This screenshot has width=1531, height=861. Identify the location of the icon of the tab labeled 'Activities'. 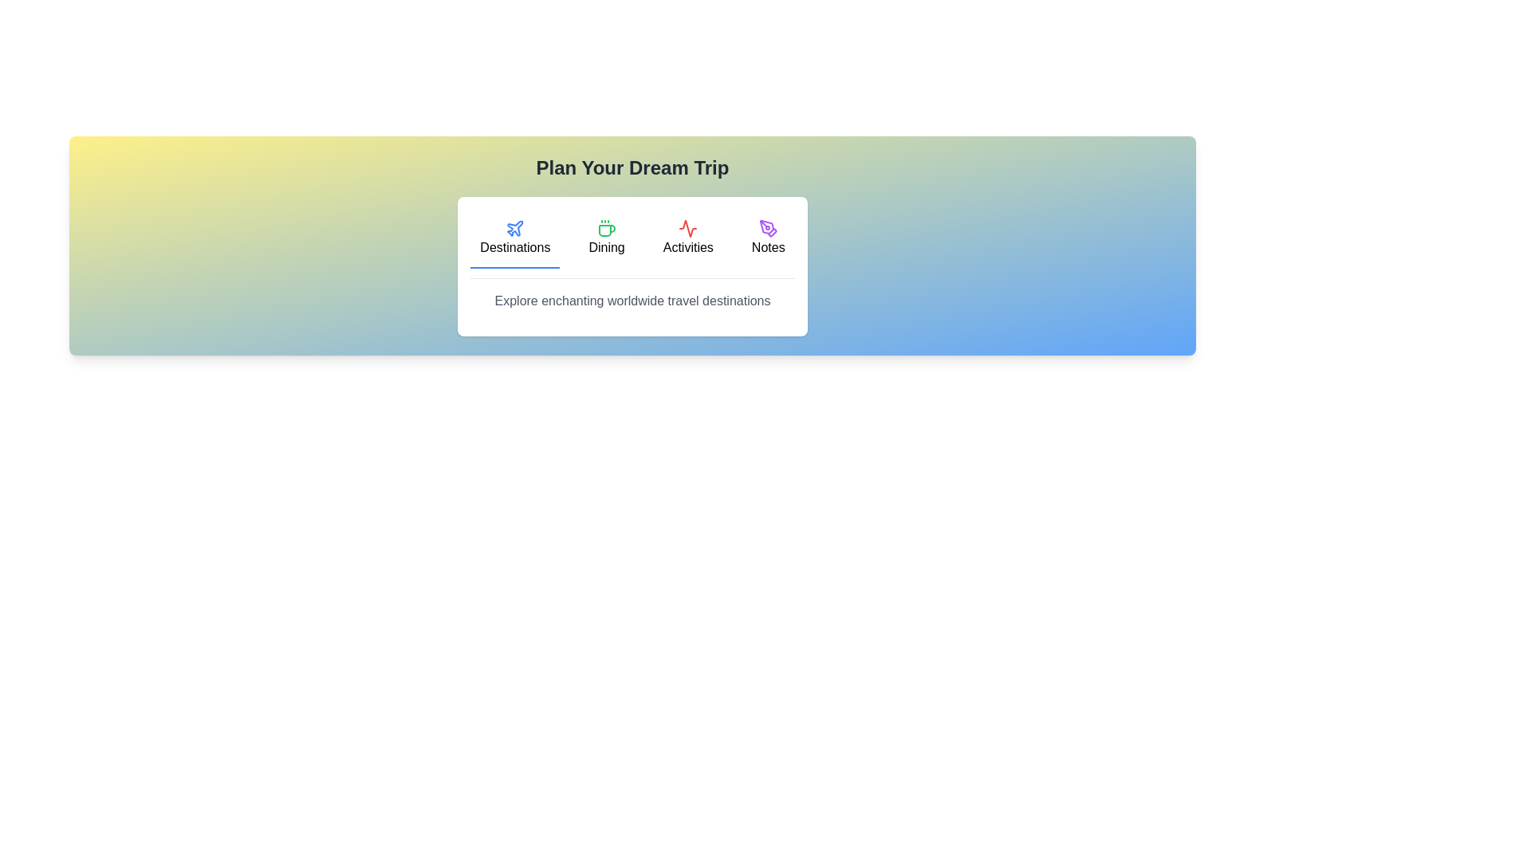
(688, 228).